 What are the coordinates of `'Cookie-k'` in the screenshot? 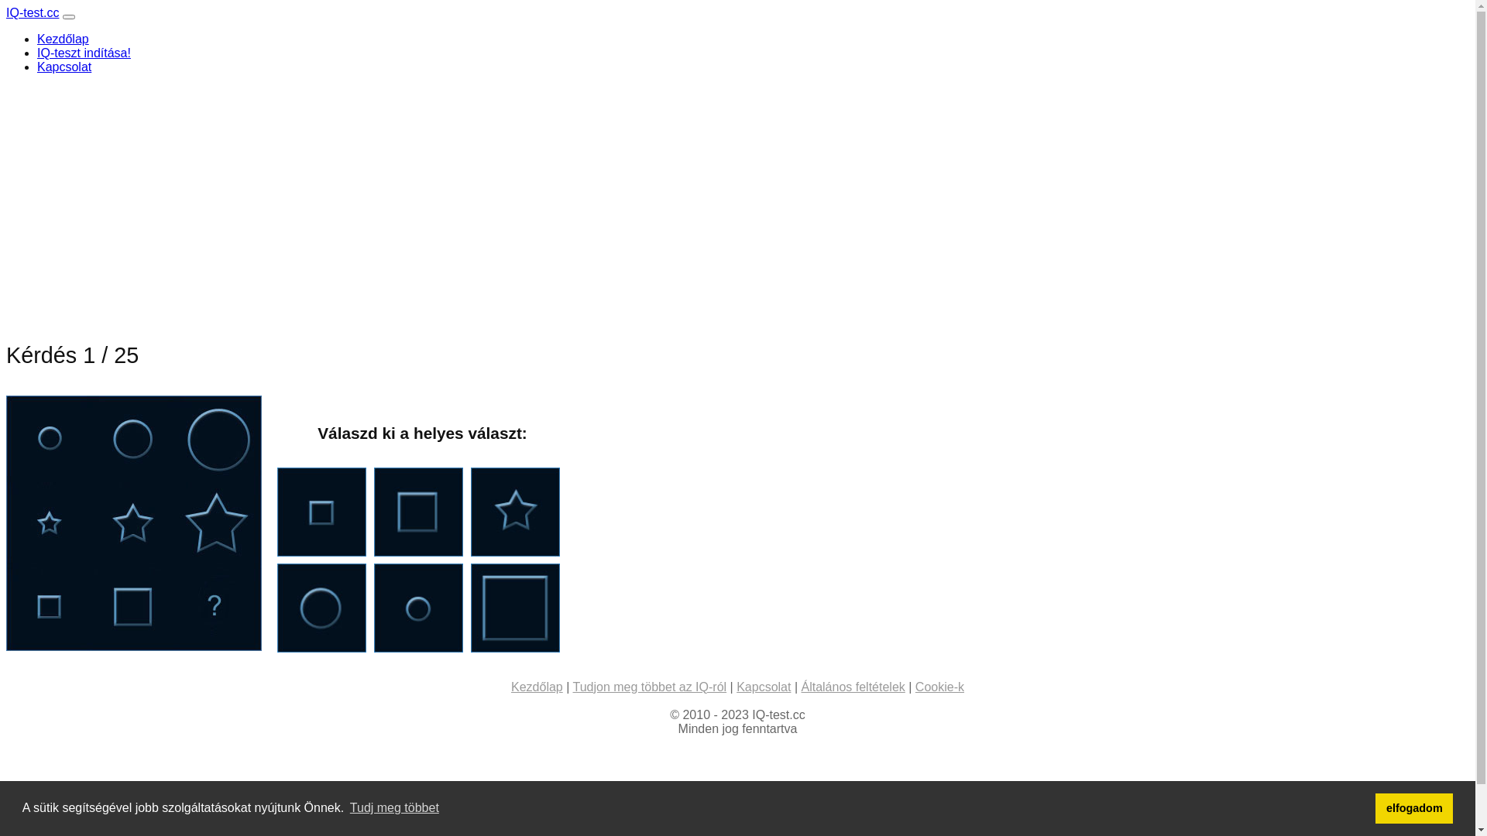 It's located at (939, 686).